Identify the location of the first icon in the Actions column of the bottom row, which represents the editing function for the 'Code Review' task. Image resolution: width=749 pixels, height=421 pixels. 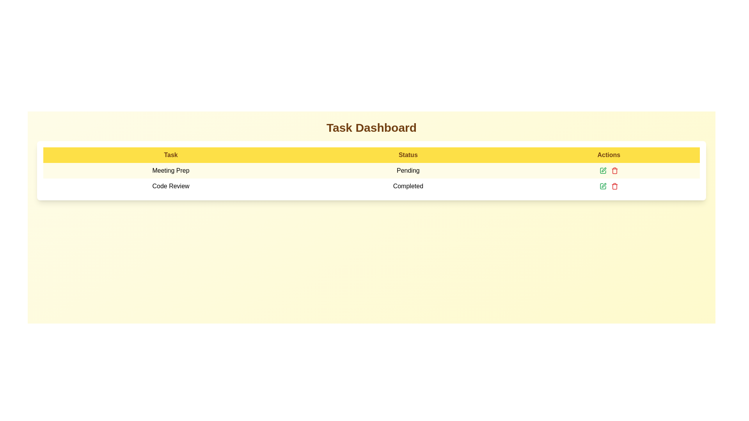
(603, 185).